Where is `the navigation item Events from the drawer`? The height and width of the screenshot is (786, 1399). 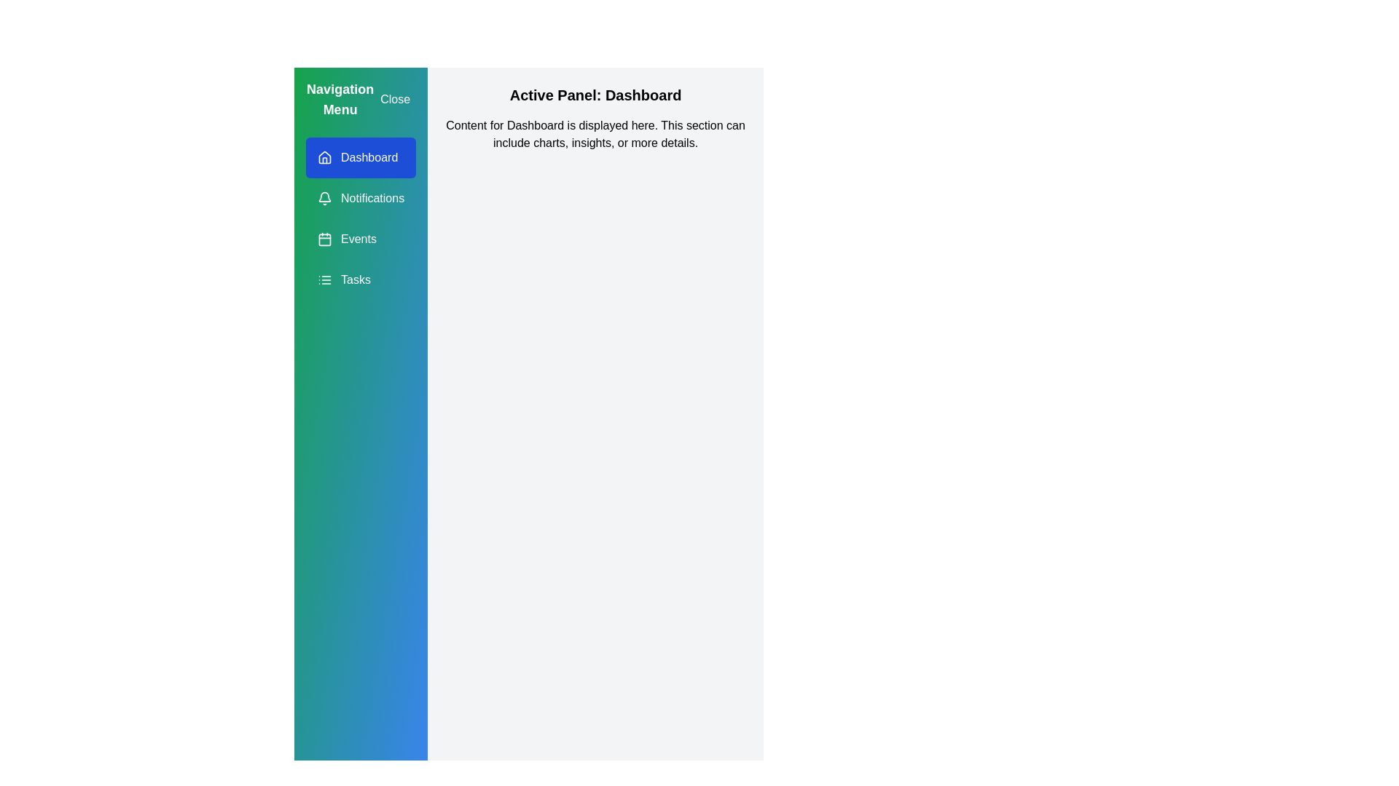
the navigation item Events from the drawer is located at coordinates (361, 238).